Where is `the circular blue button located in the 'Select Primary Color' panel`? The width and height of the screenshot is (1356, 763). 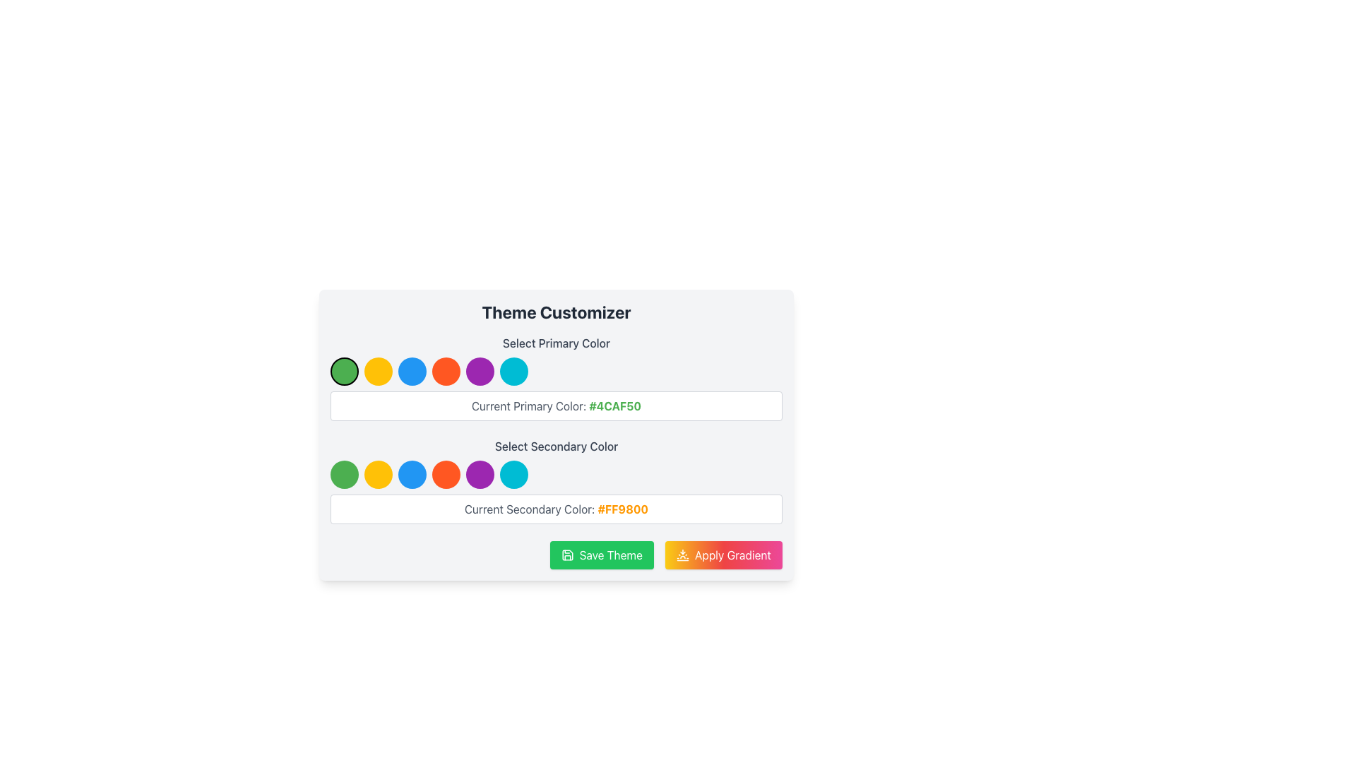
the circular blue button located in the 'Select Primary Color' panel is located at coordinates (412, 370).